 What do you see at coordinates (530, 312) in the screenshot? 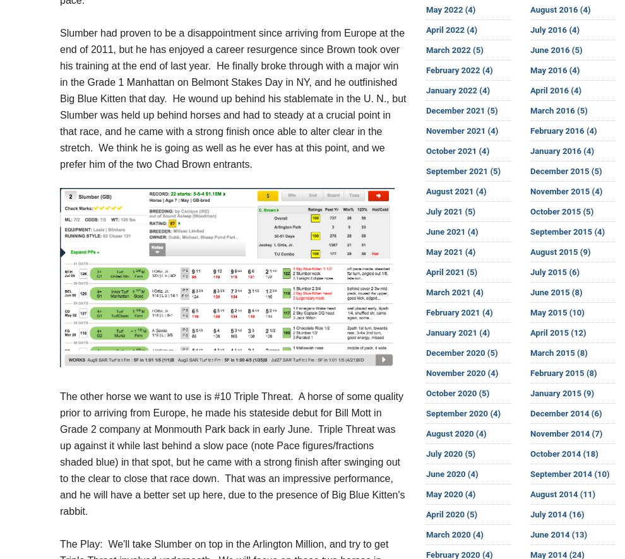
I see `'May 2015 (10)'` at bounding box center [530, 312].